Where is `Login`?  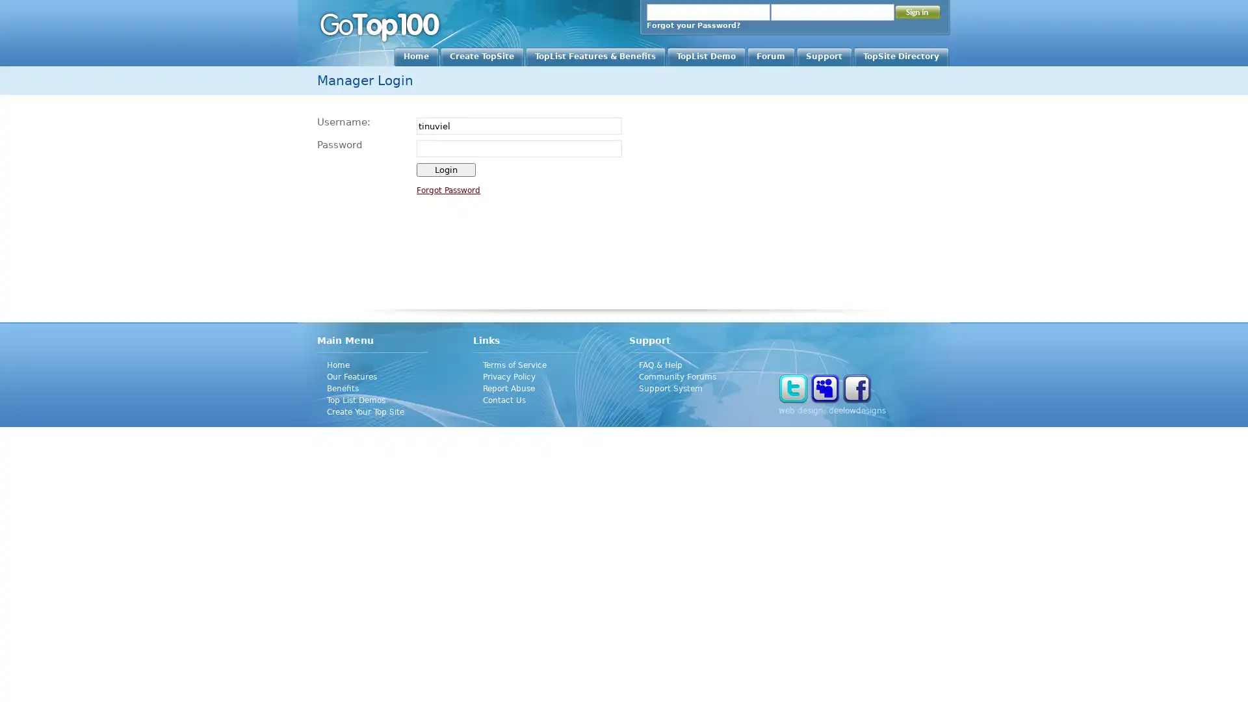 Login is located at coordinates (446, 169).